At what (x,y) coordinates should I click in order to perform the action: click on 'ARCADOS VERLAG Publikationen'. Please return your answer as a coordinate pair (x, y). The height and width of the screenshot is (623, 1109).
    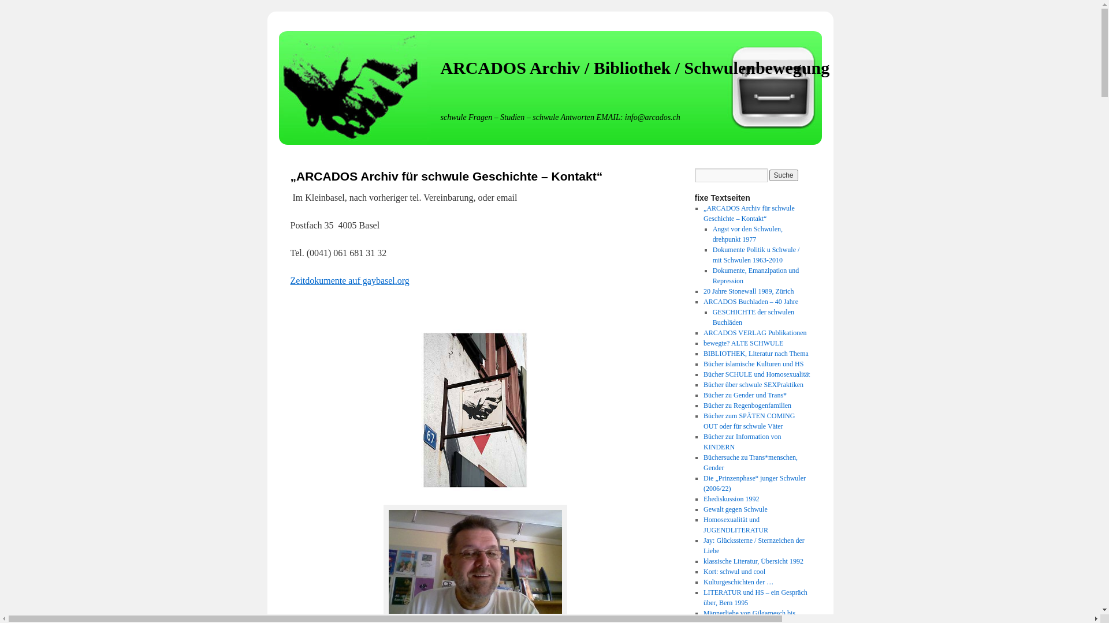
    Looking at the image, I should click on (754, 333).